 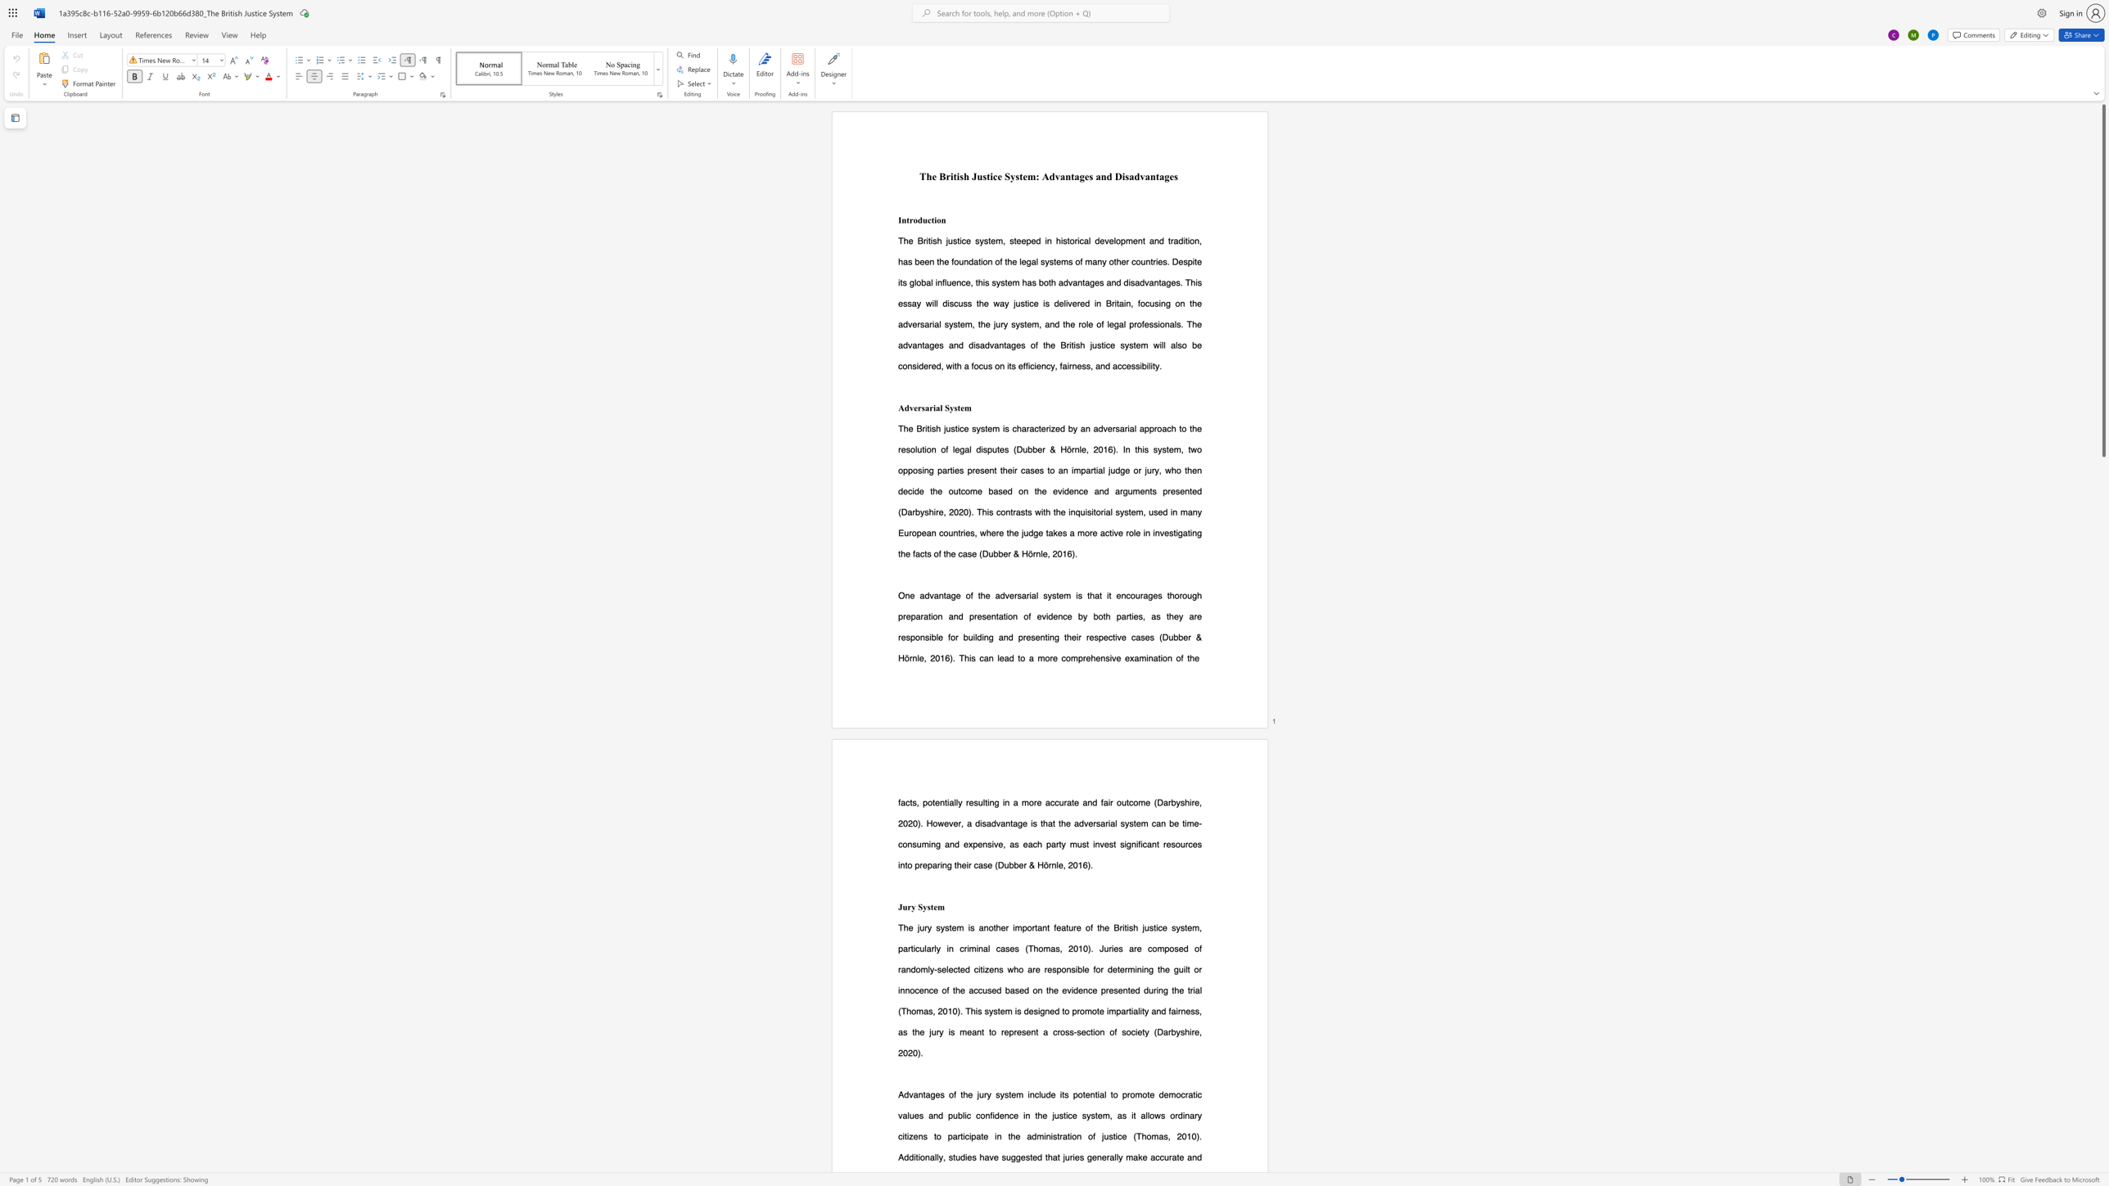 What do you see at coordinates (2102, 1020) in the screenshot?
I see `the scrollbar to scroll the page down` at bounding box center [2102, 1020].